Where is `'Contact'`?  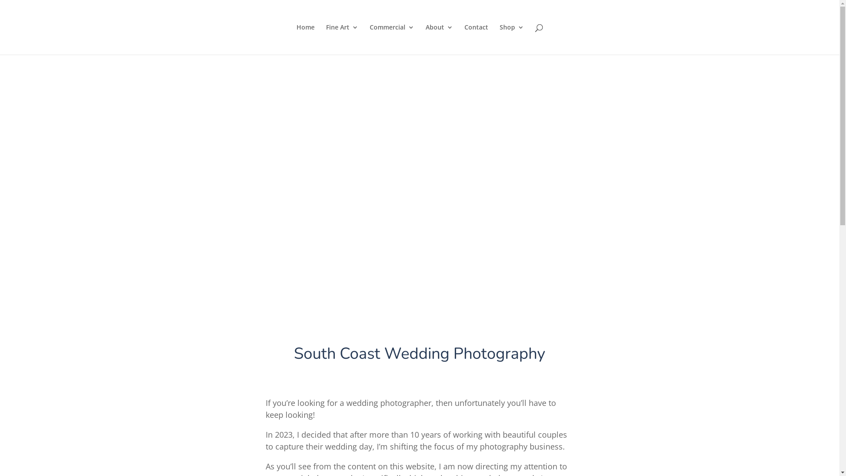
'Contact' is located at coordinates (475, 39).